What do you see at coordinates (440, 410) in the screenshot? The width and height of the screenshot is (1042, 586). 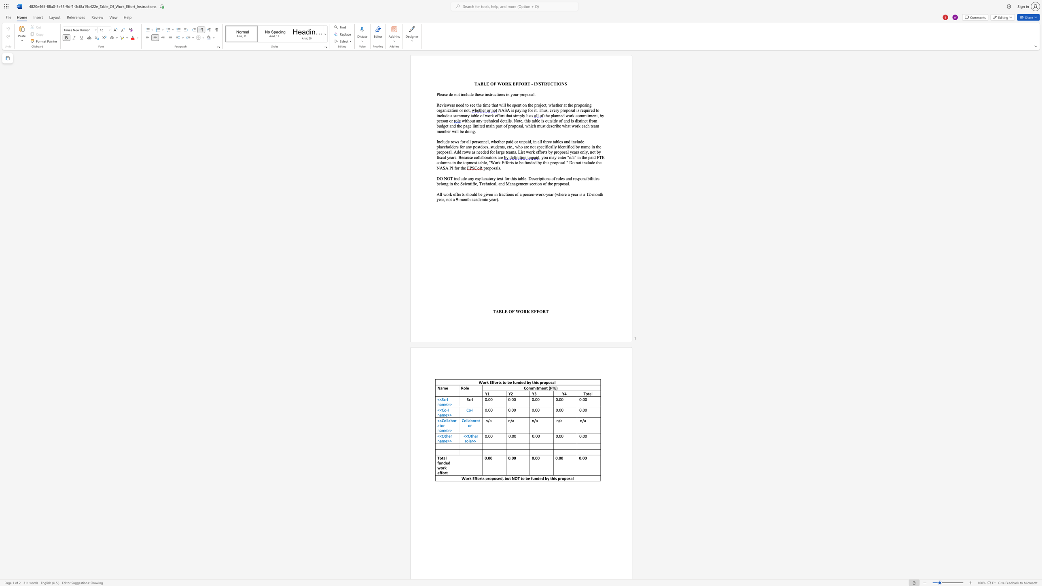 I see `the subset text "<Co-I n" within the text "<<Co-I name>>"` at bounding box center [440, 410].